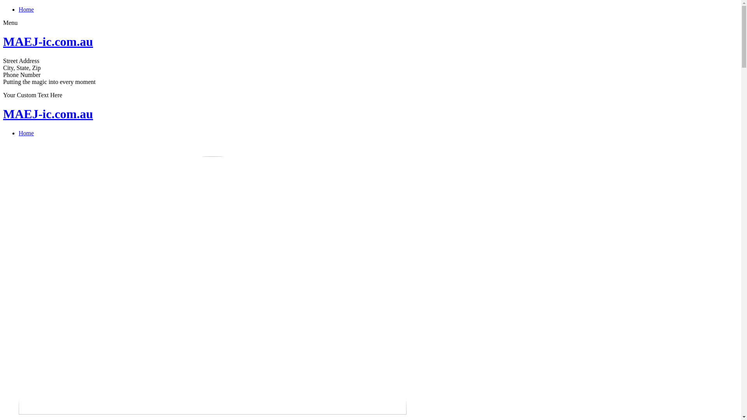 Image resolution: width=747 pixels, height=420 pixels. I want to click on 'MAEJ-ic.com.au', so click(47, 114).